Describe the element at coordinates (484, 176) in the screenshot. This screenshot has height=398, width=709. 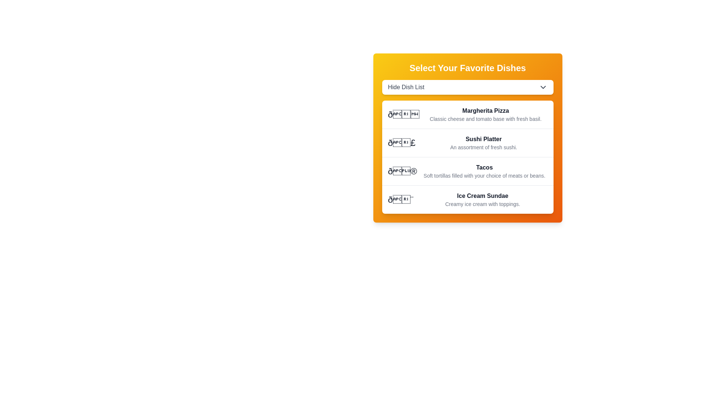
I see `text label component that reads 'Soft tortillas filled with your choice of meats or beans.' which is styled in a smaller font size and appears in a lighter gray color, positioned below the bold title 'Tacos.'` at that location.